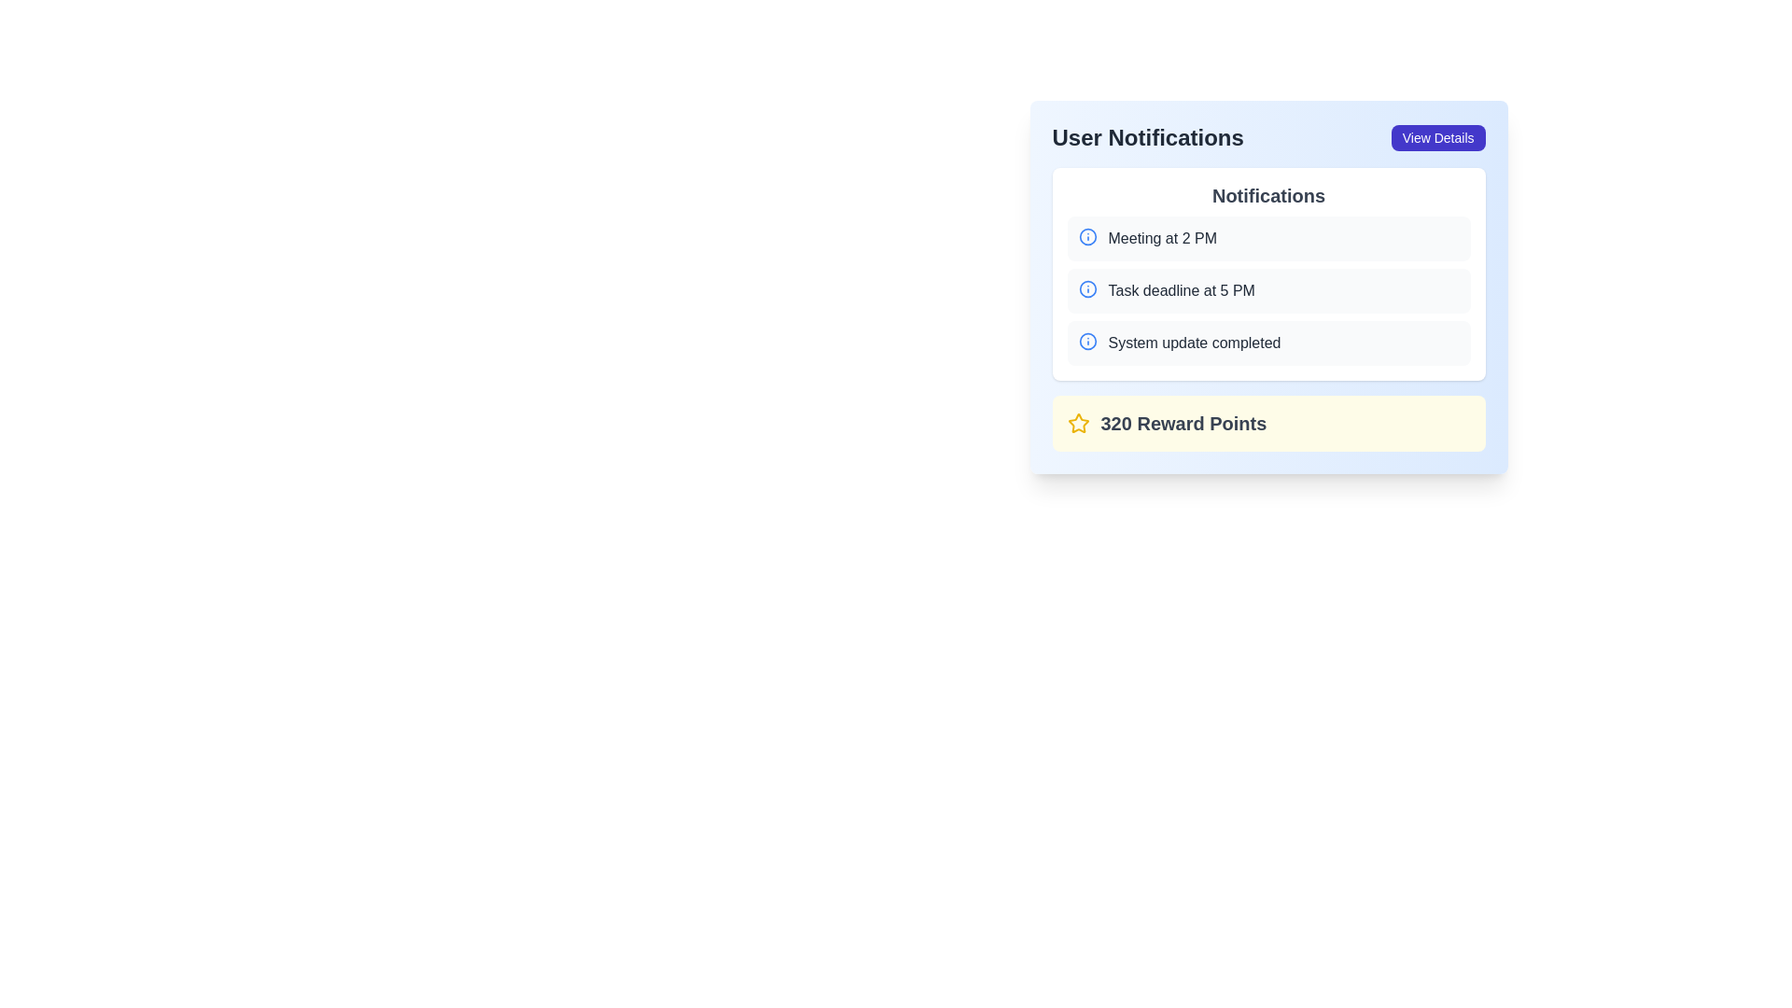  Describe the element at coordinates (1268, 291) in the screenshot. I see `the second notification card in the User Notifications section that informs about a task deadline scheduled for 5 PM` at that location.